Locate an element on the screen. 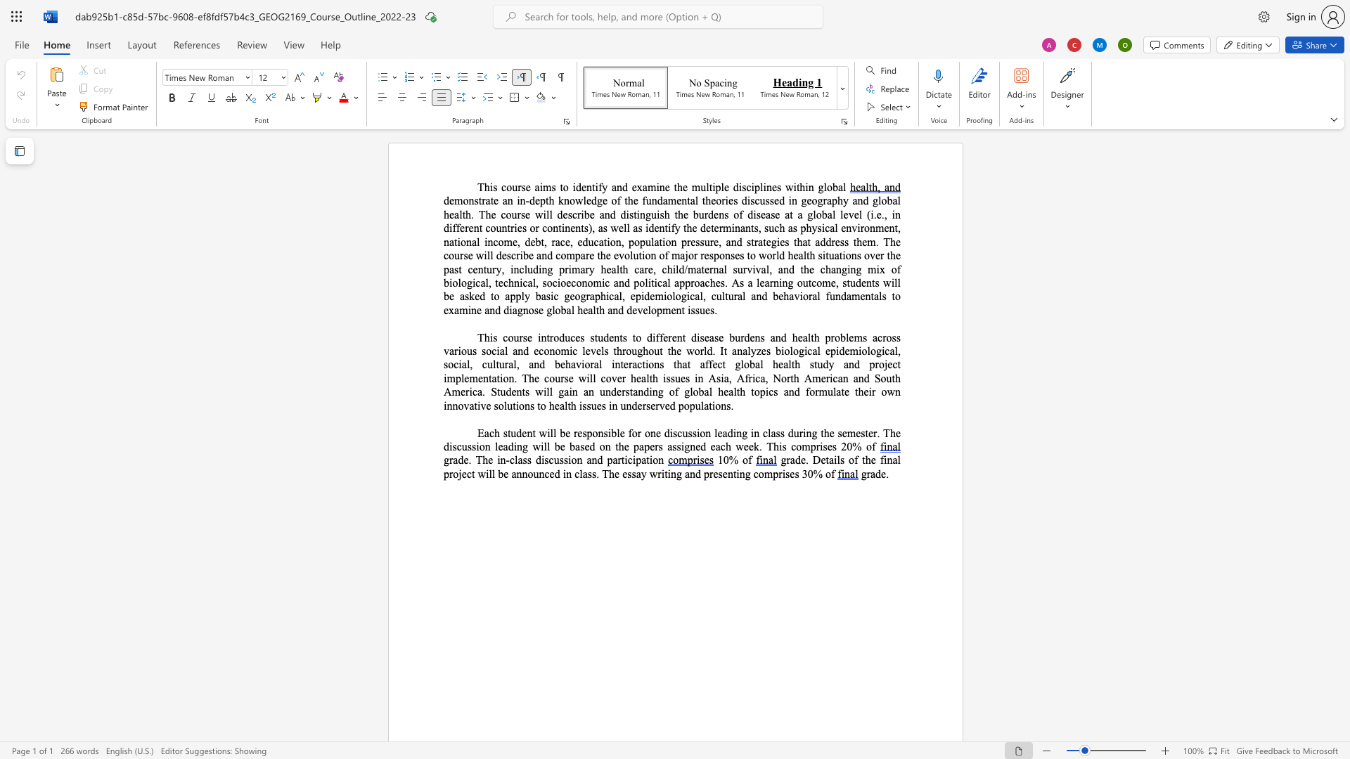  the 1th character "u" in the text is located at coordinates (832, 295).